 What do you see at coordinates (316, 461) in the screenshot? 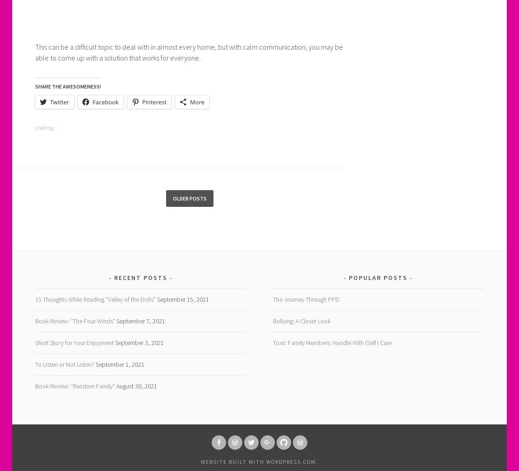
I see `'.'` at bounding box center [316, 461].